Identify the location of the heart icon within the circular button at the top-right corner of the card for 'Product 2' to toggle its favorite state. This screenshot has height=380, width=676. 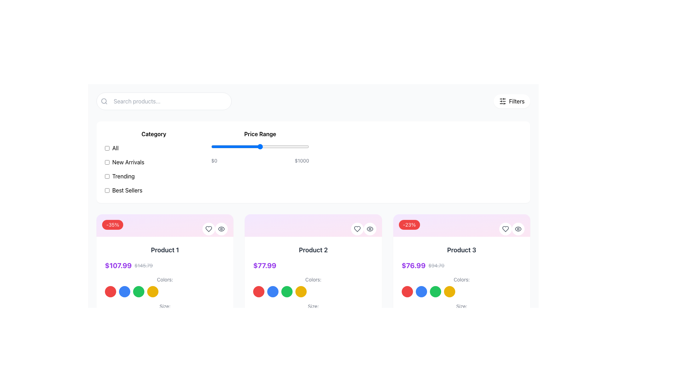
(357, 229).